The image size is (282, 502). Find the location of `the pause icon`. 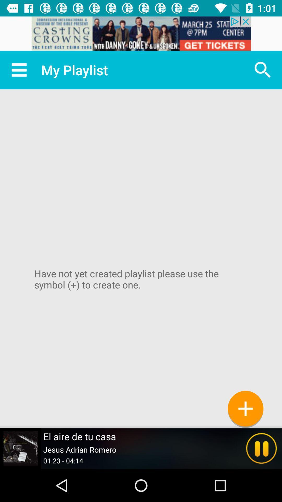

the pause icon is located at coordinates (261, 448).